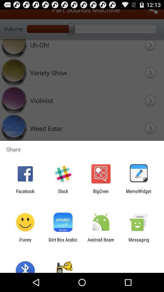 The width and height of the screenshot is (164, 292). I want to click on the item next to bigoven icon, so click(63, 193).